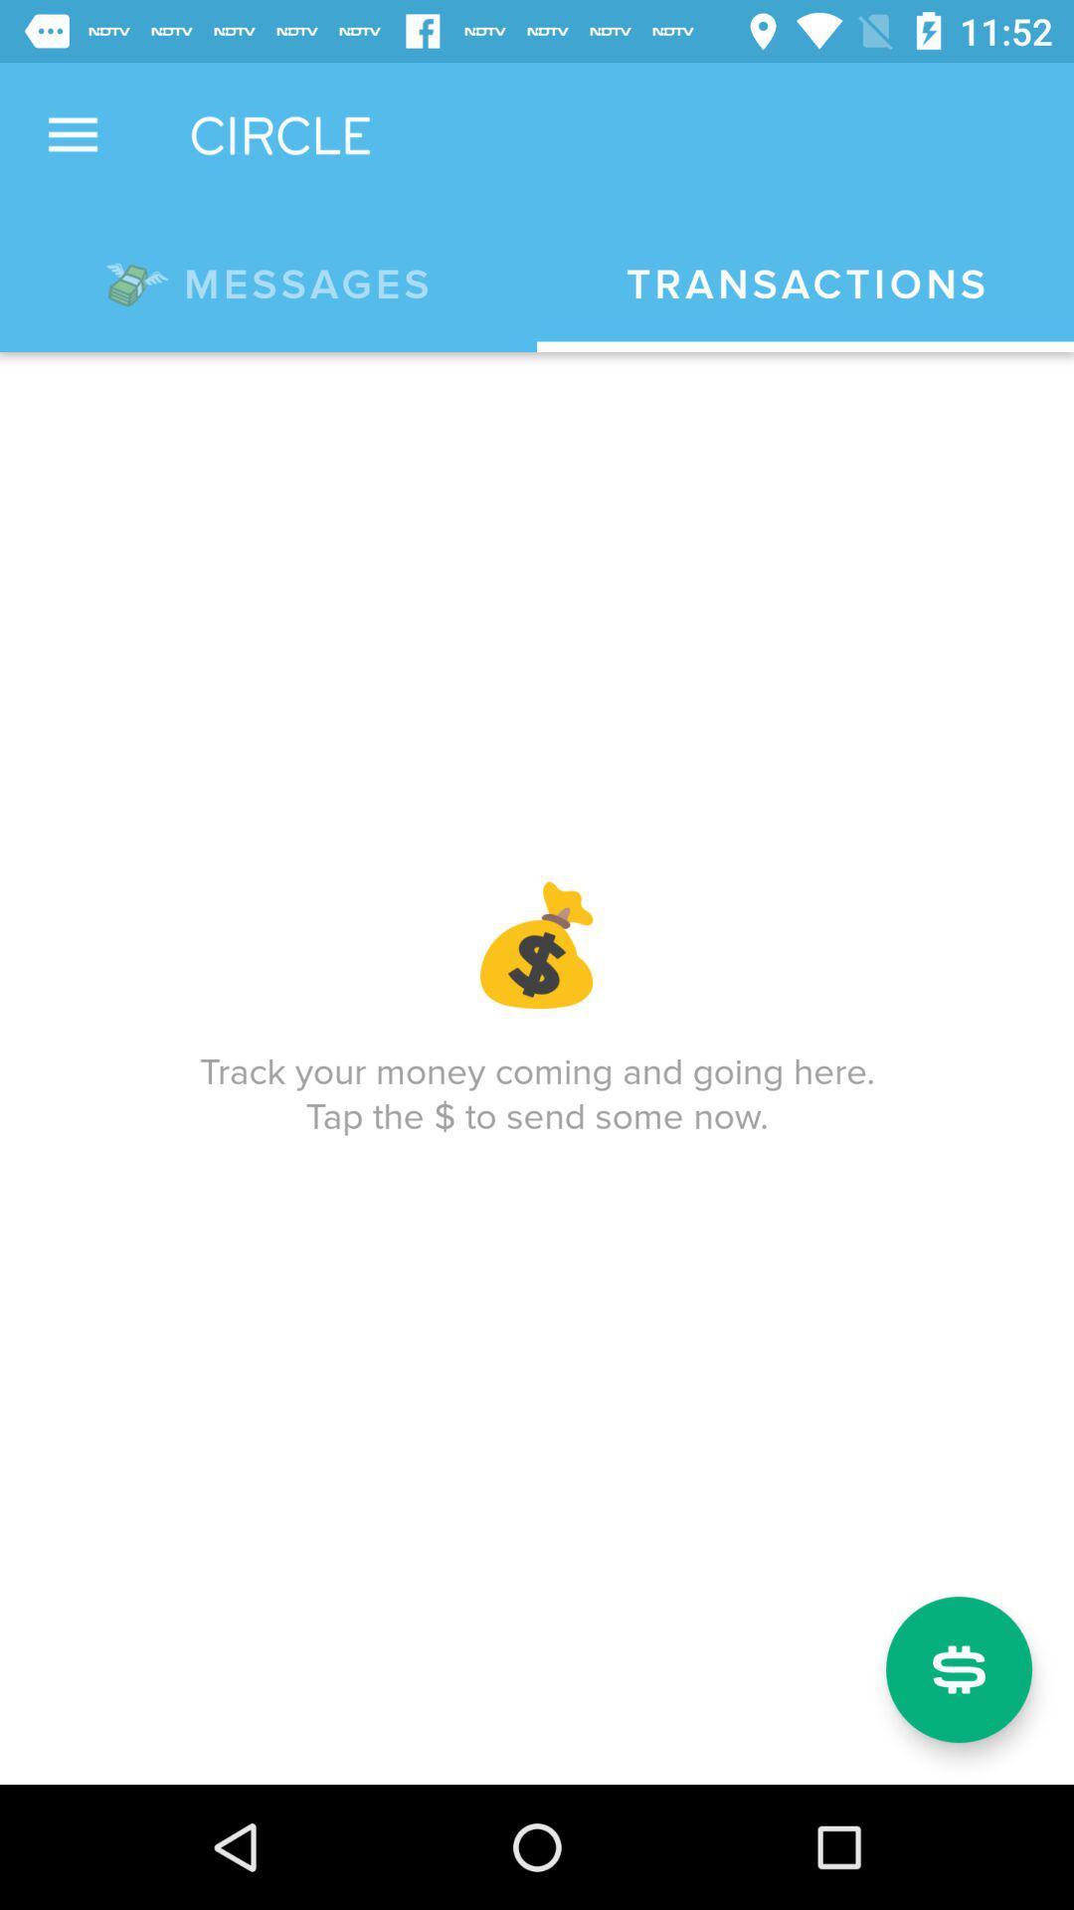 The image size is (1074, 1910). I want to click on the icon at the top right corner, so click(805, 284).